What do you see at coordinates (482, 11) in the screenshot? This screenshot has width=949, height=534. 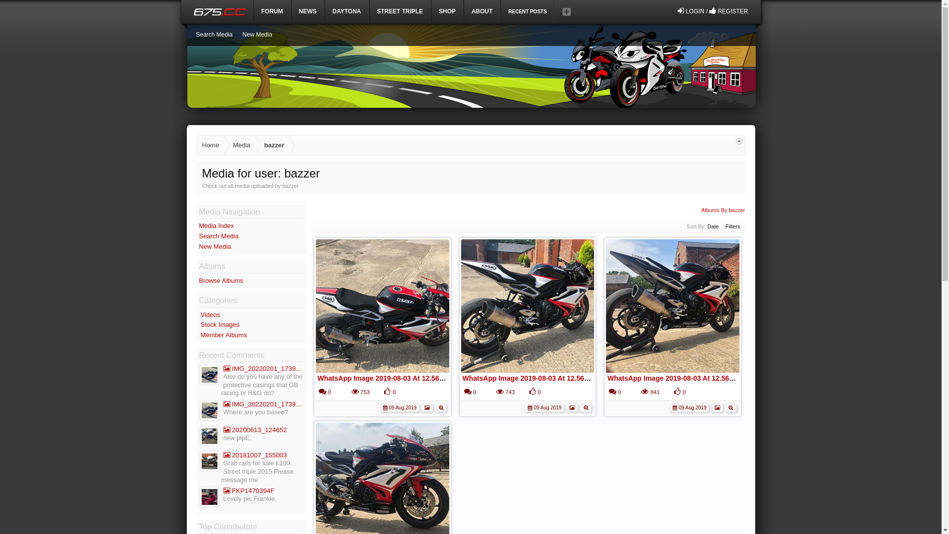 I see `'ABOUT'` at bounding box center [482, 11].